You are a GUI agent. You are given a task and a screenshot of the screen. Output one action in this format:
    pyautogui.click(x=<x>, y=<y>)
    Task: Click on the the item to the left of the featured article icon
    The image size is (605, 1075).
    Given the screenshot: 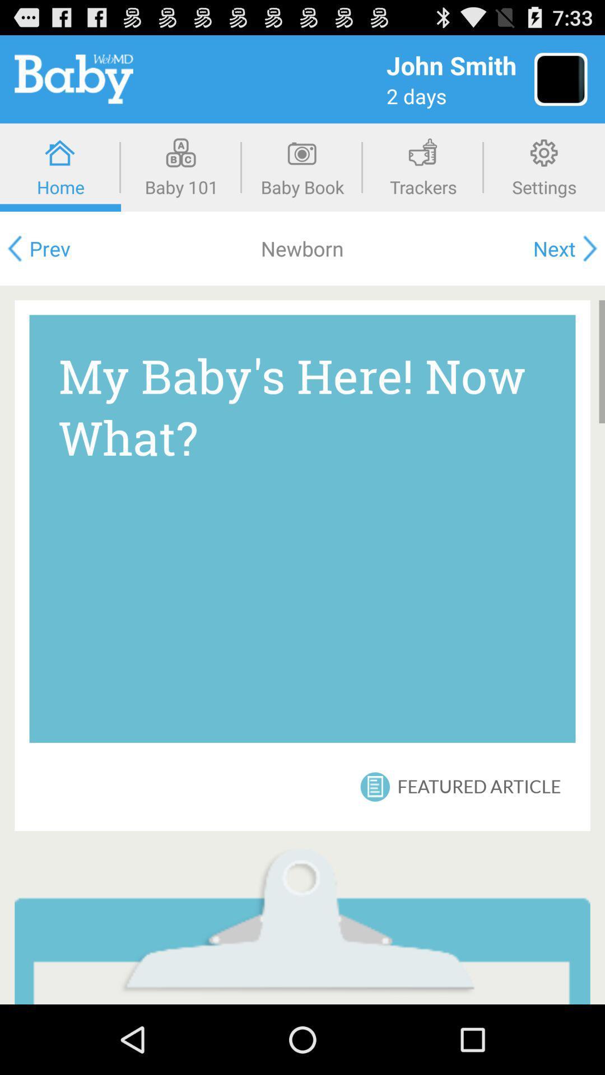 What is the action you would take?
    pyautogui.click(x=375, y=786)
    